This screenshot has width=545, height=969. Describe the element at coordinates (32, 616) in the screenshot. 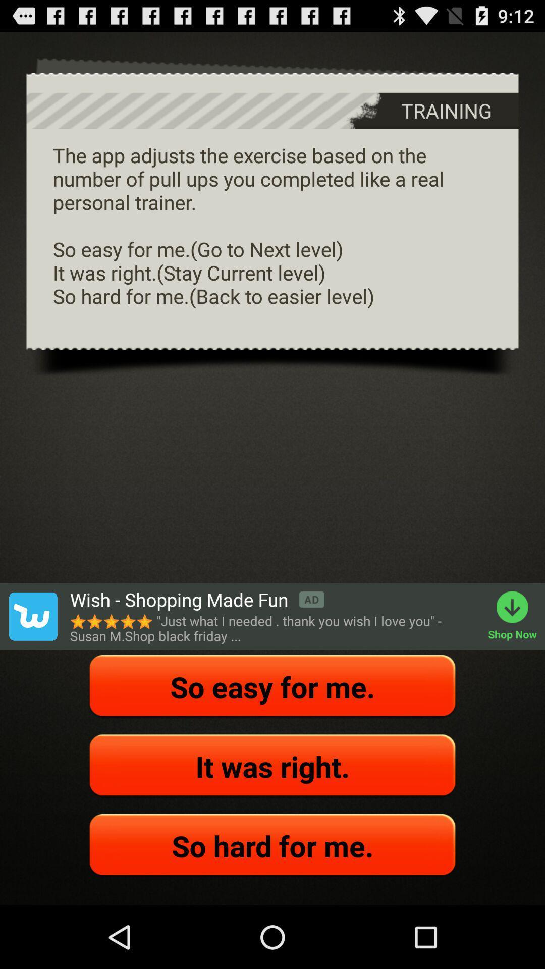

I see `open advertisement website` at that location.